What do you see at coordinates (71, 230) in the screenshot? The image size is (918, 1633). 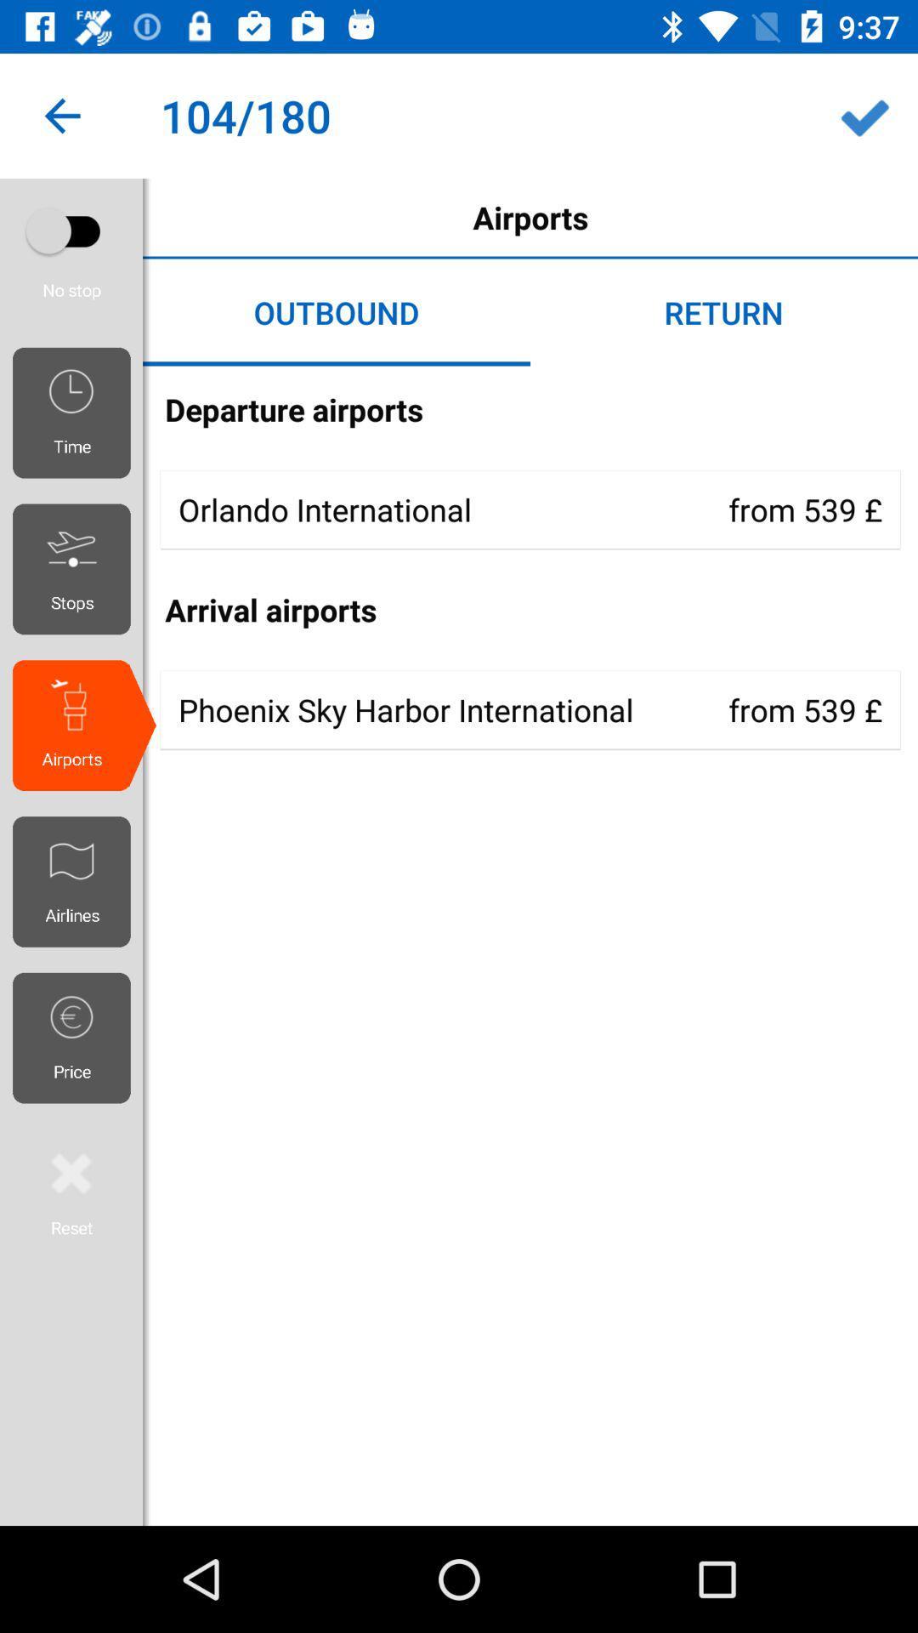 I see `auto play` at bounding box center [71, 230].